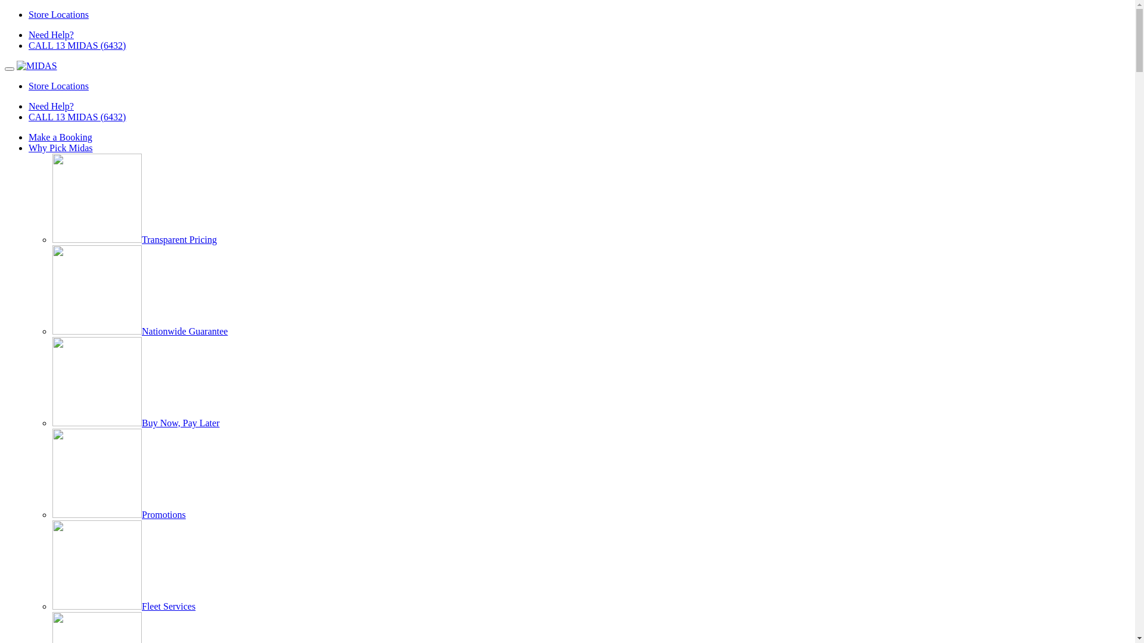 Image resolution: width=1144 pixels, height=643 pixels. What do you see at coordinates (51, 422) in the screenshot?
I see `'Buy Now, Pay Later'` at bounding box center [51, 422].